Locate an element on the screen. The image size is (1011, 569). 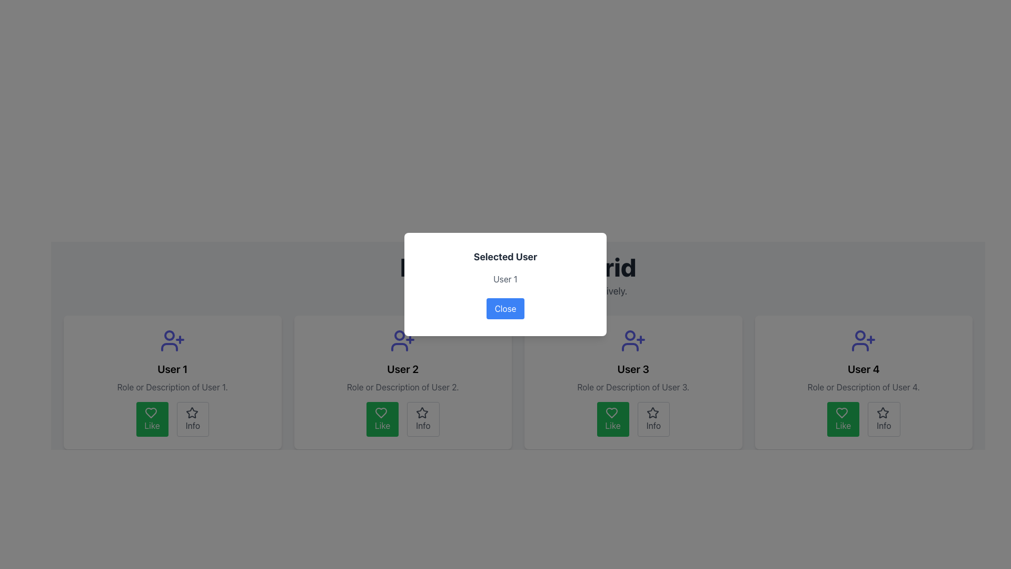
the text label element displaying 'User 3', which is styled in bold and centered, located in the second row, third column of the grid layout under an icon and above descriptive text is located at coordinates (632, 369).